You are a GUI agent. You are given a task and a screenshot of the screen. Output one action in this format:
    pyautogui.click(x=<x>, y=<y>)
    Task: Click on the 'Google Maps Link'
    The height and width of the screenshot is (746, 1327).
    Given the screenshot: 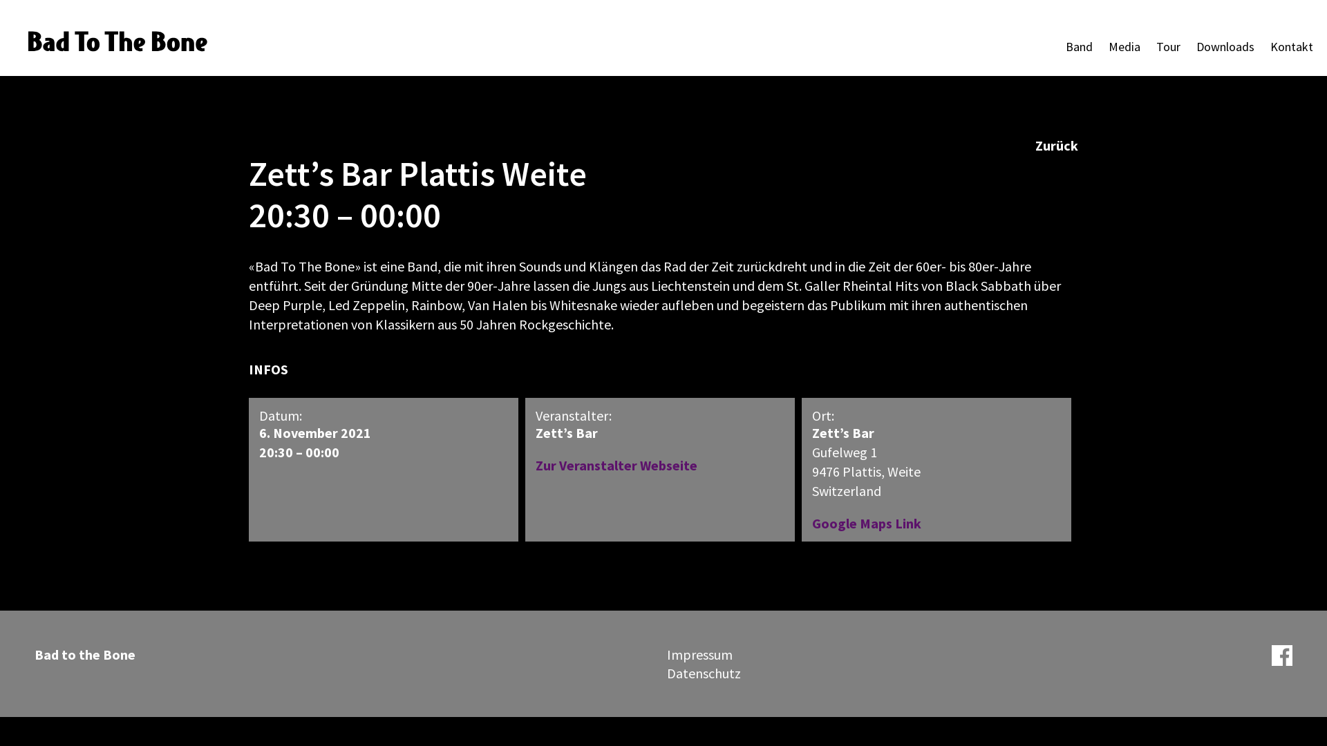 What is the action you would take?
    pyautogui.click(x=865, y=523)
    